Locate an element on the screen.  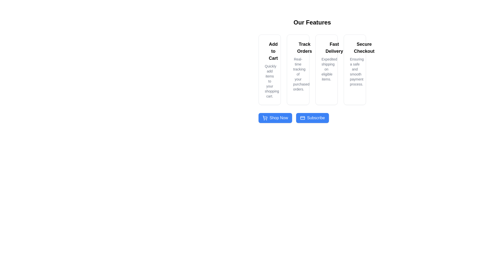
the 'Track Orders' title text label, which is positioned at the top center of the second feature card below the main heading 'Our Features' is located at coordinates (304, 48).